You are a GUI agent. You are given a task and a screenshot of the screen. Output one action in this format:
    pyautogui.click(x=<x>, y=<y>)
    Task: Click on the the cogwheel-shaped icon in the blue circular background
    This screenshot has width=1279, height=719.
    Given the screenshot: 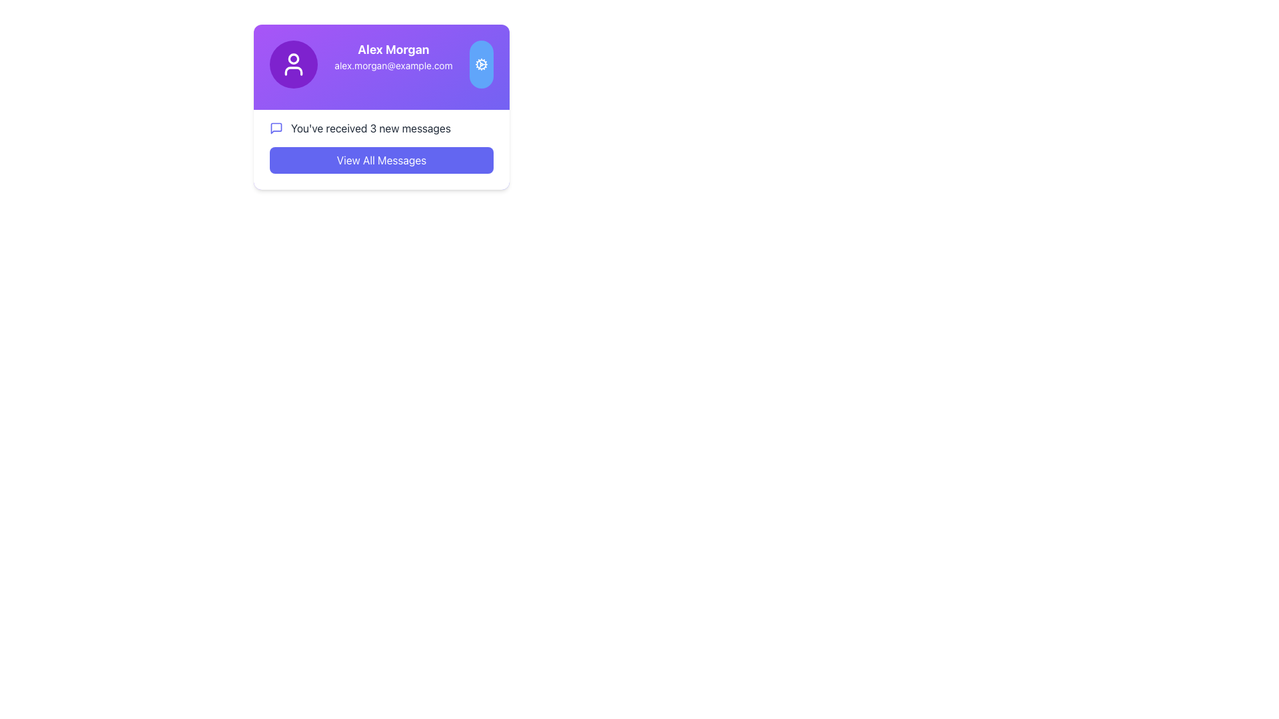 What is the action you would take?
    pyautogui.click(x=481, y=64)
    